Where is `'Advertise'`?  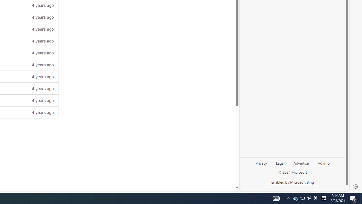
'Advertise' is located at coordinates (301, 165).